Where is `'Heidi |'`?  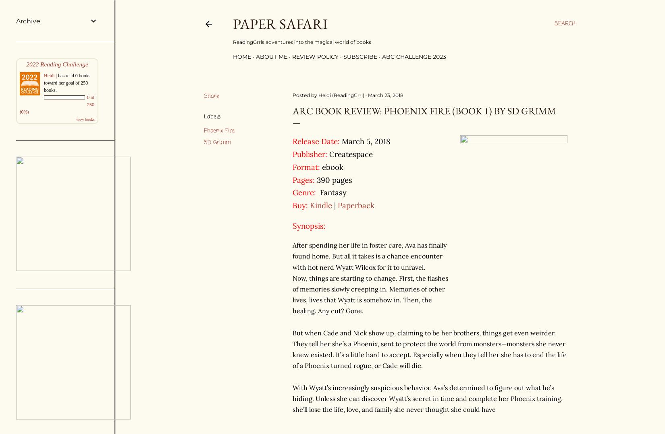
'Heidi |' is located at coordinates (44, 75).